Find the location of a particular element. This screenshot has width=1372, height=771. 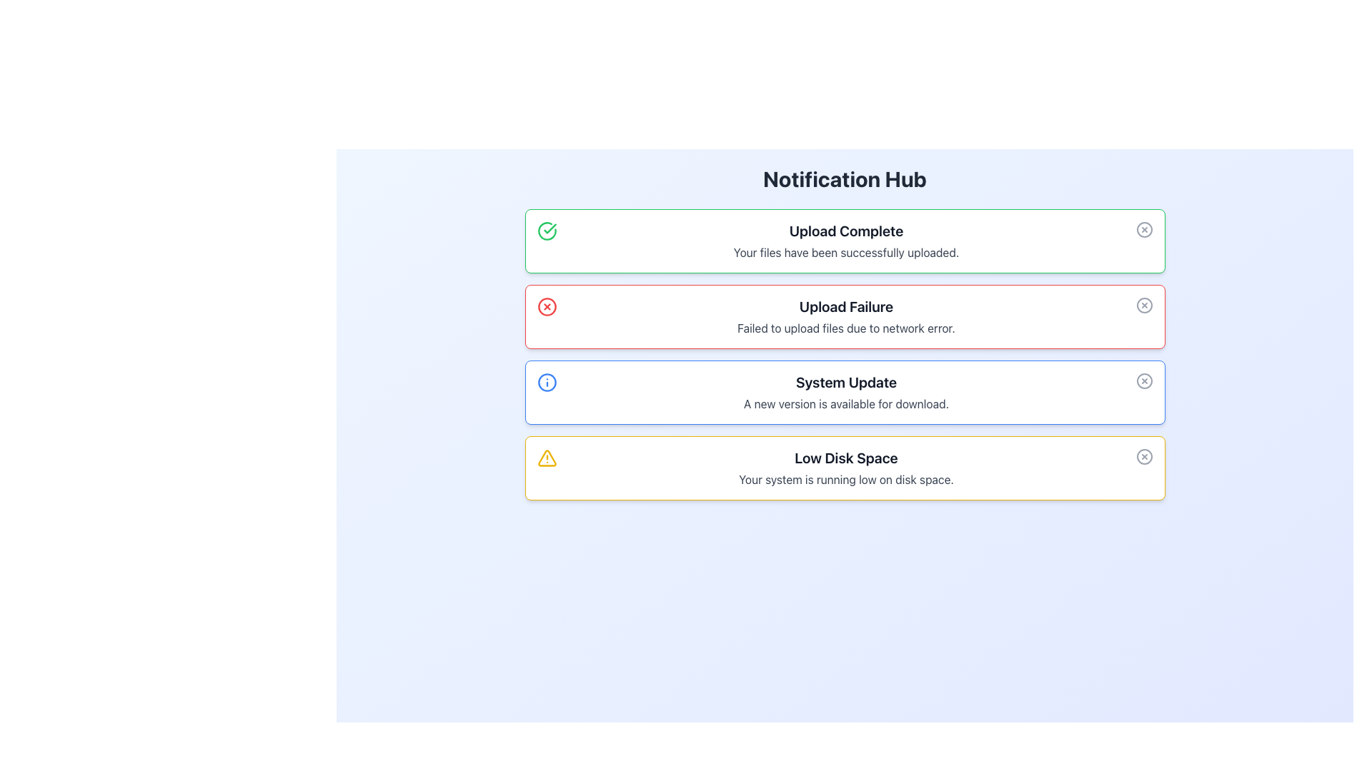

the circular dismiss button with a cross (X) in the top-right corner of the 'Upload Failure' notification card is located at coordinates (1144, 305).